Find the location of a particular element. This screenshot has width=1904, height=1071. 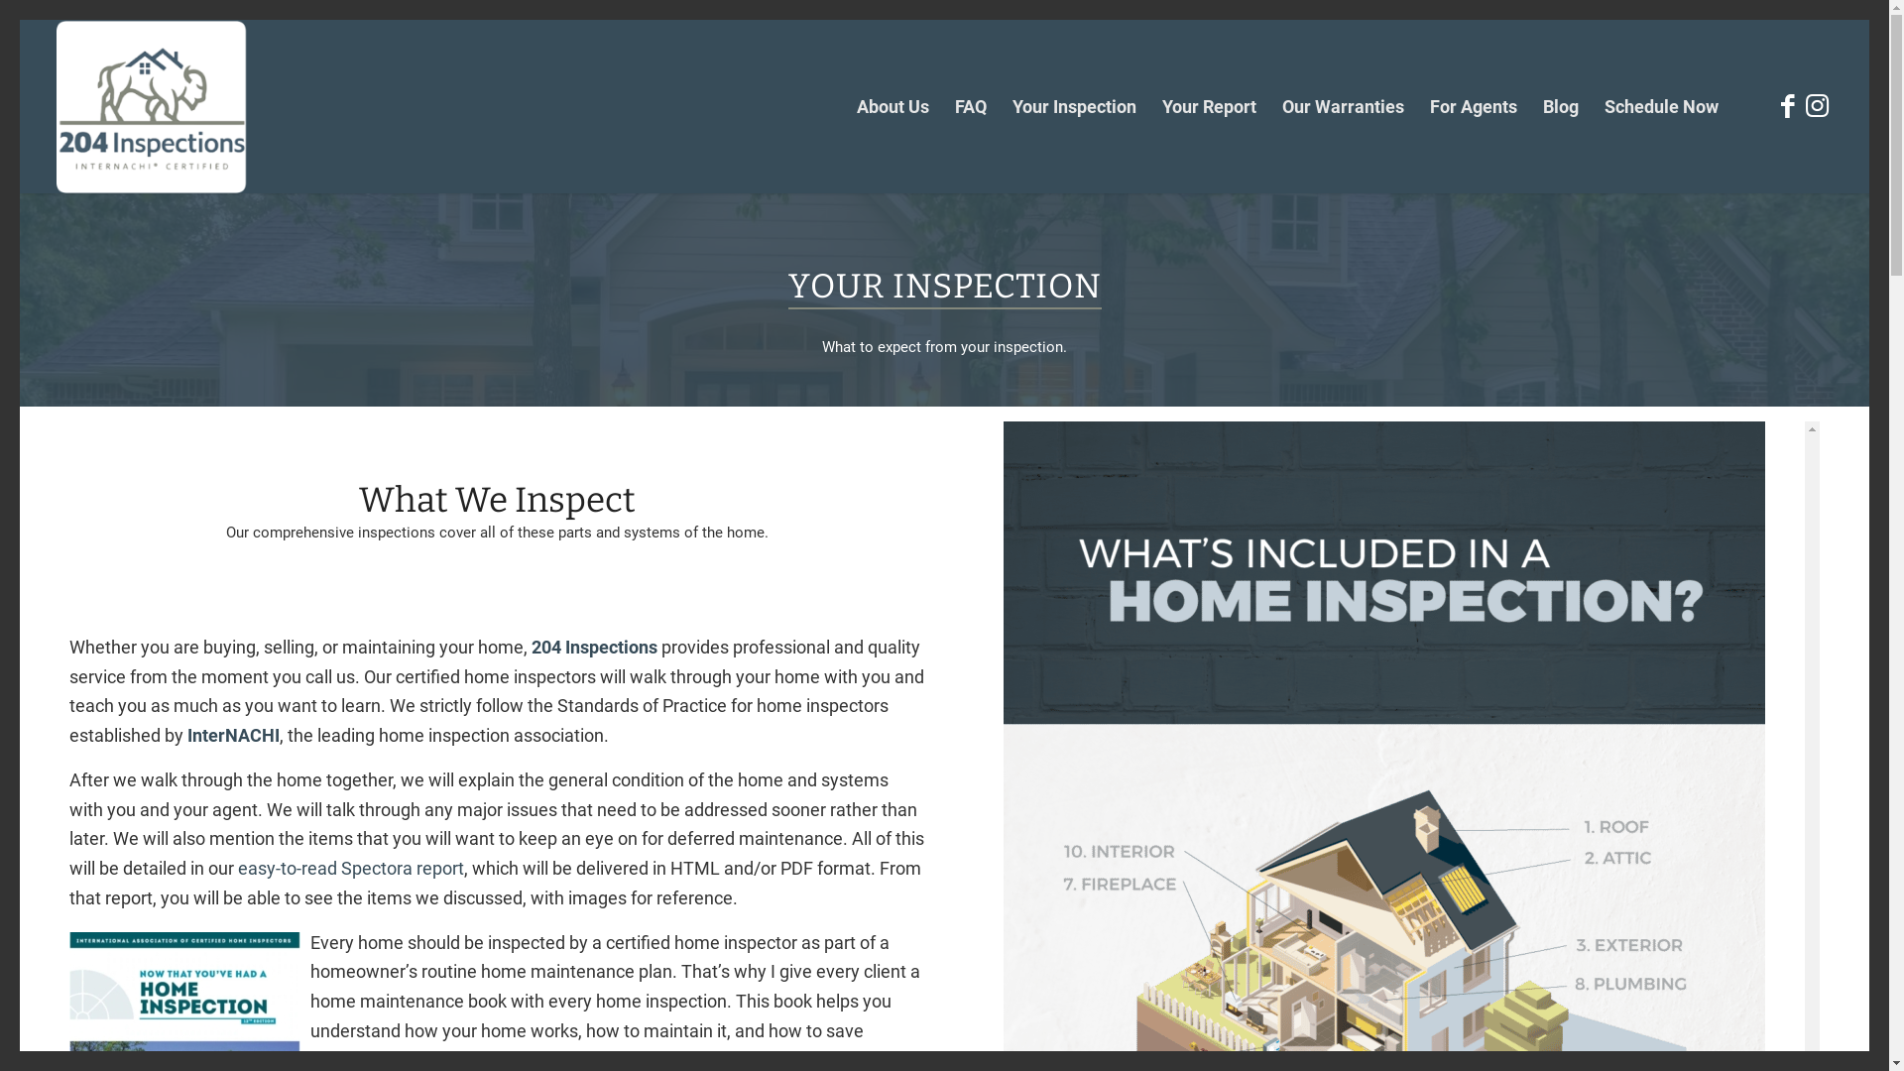

'For Agents' is located at coordinates (1474, 106).